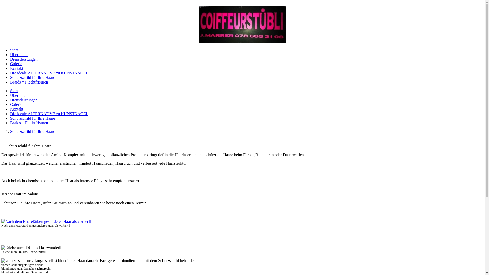 This screenshot has width=489, height=275. What do you see at coordinates (16, 104) in the screenshot?
I see `'Galerie'` at bounding box center [16, 104].